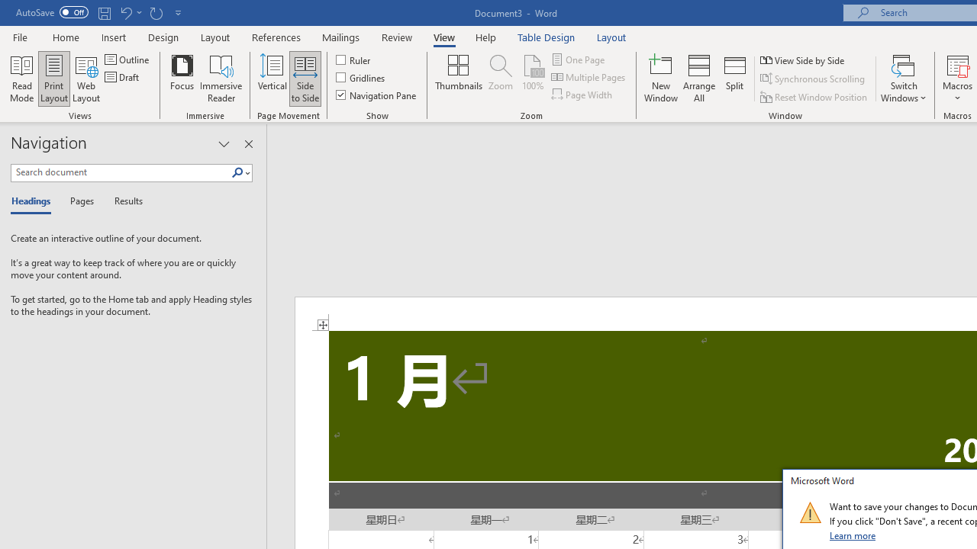 Image resolution: width=977 pixels, height=549 pixels. Describe the element at coordinates (957, 79) in the screenshot. I see `'Macros'` at that location.